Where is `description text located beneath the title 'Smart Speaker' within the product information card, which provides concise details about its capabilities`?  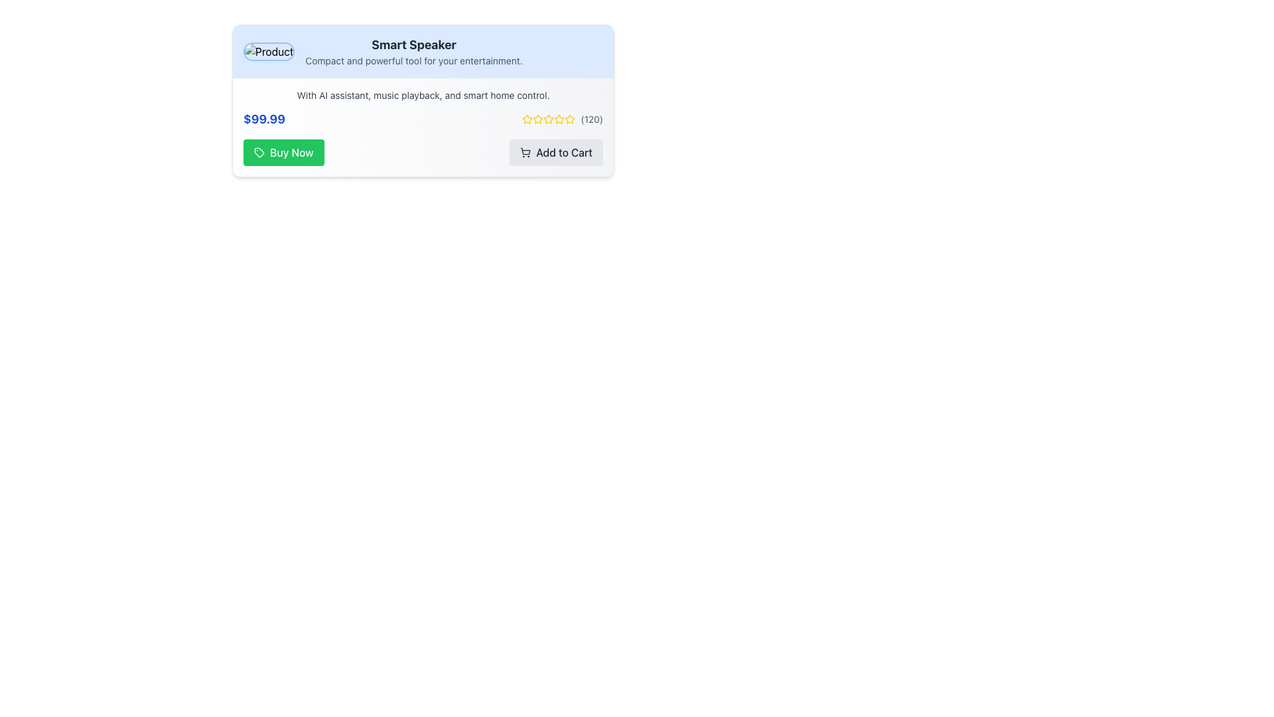
description text located beneath the title 'Smart Speaker' within the product information card, which provides concise details about its capabilities is located at coordinates (423, 94).